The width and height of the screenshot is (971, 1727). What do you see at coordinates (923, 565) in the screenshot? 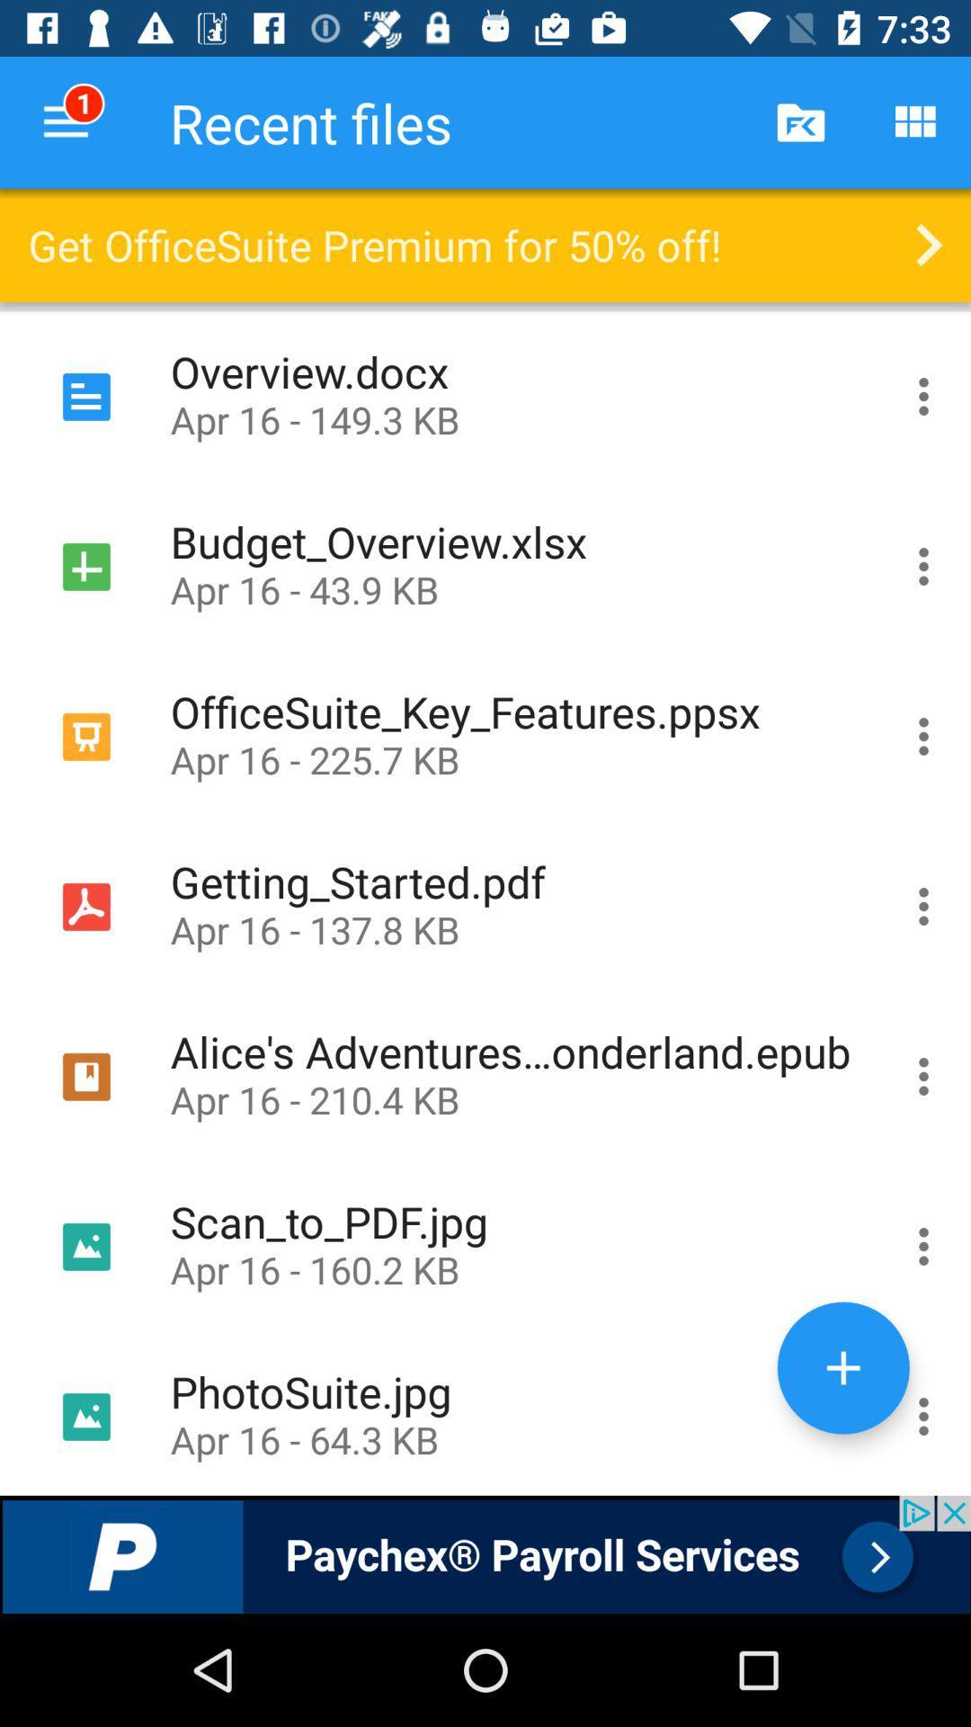
I see `more` at bounding box center [923, 565].